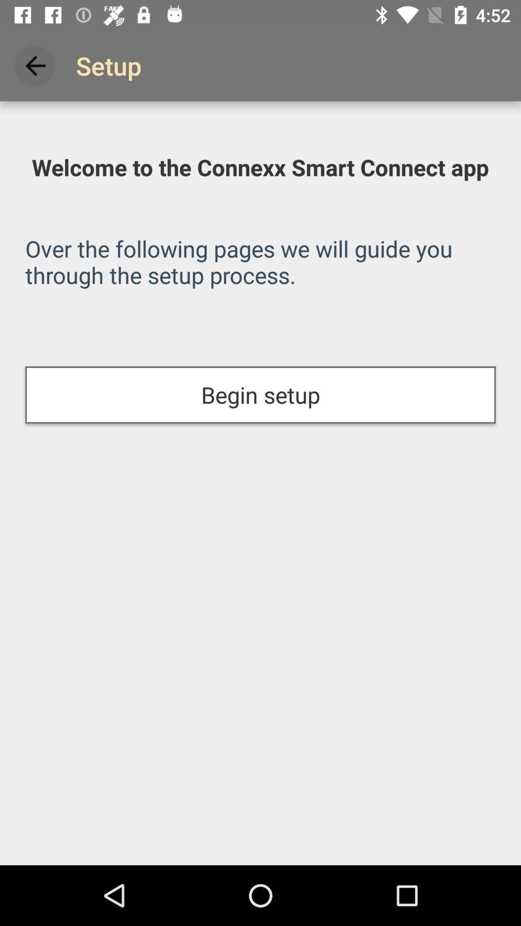 Image resolution: width=521 pixels, height=926 pixels. Describe the element at coordinates (260, 395) in the screenshot. I see `begin setup icon` at that location.